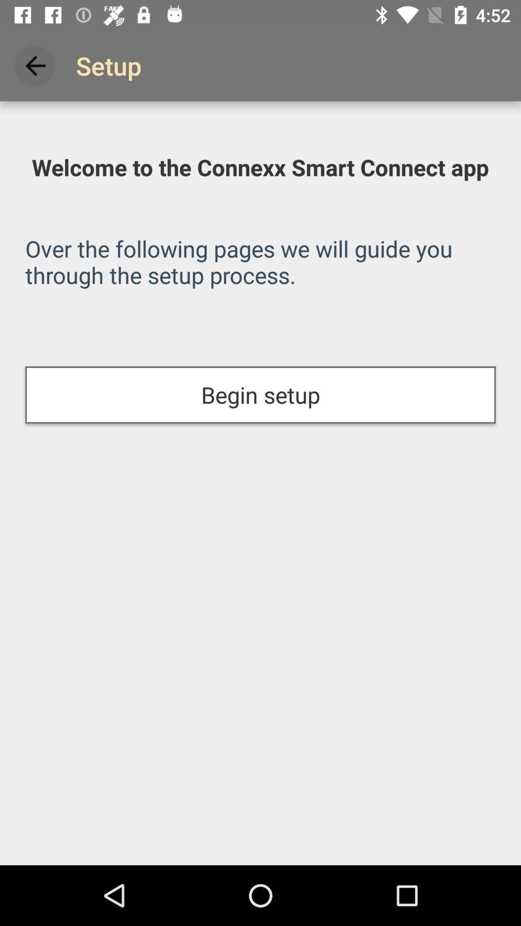 Image resolution: width=521 pixels, height=926 pixels. Describe the element at coordinates (260, 395) in the screenshot. I see `begin setup icon` at that location.